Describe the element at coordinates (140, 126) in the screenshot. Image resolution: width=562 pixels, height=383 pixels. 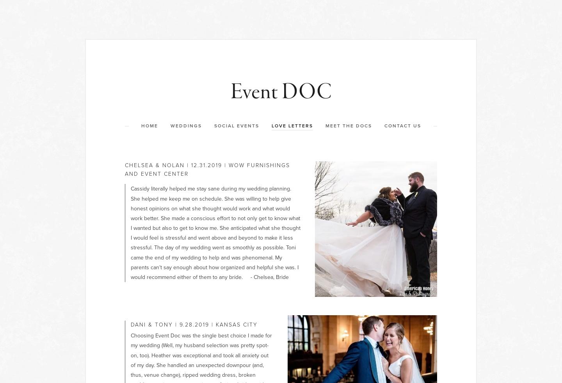
I see `'Home'` at that location.